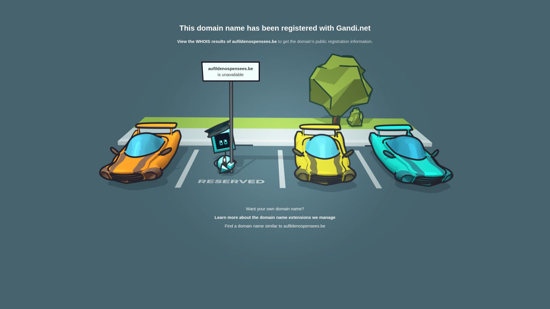 The width and height of the screenshot is (550, 309). I want to click on 'View the WHOIS results of aufildenospensees.be', so click(177, 41).